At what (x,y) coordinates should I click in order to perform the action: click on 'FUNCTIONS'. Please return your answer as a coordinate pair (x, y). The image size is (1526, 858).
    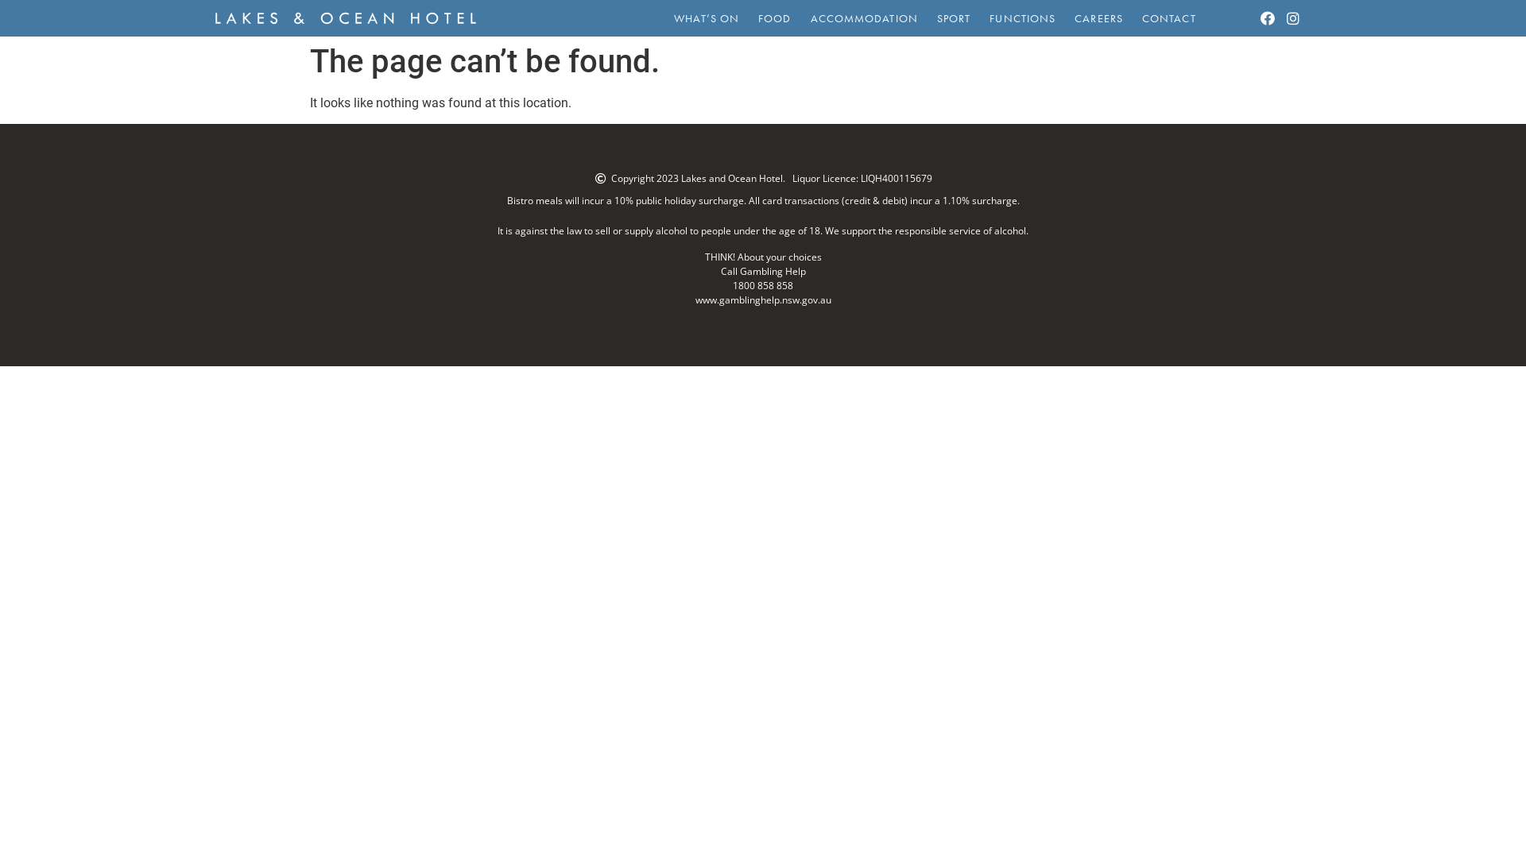
    Looking at the image, I should click on (1022, 18).